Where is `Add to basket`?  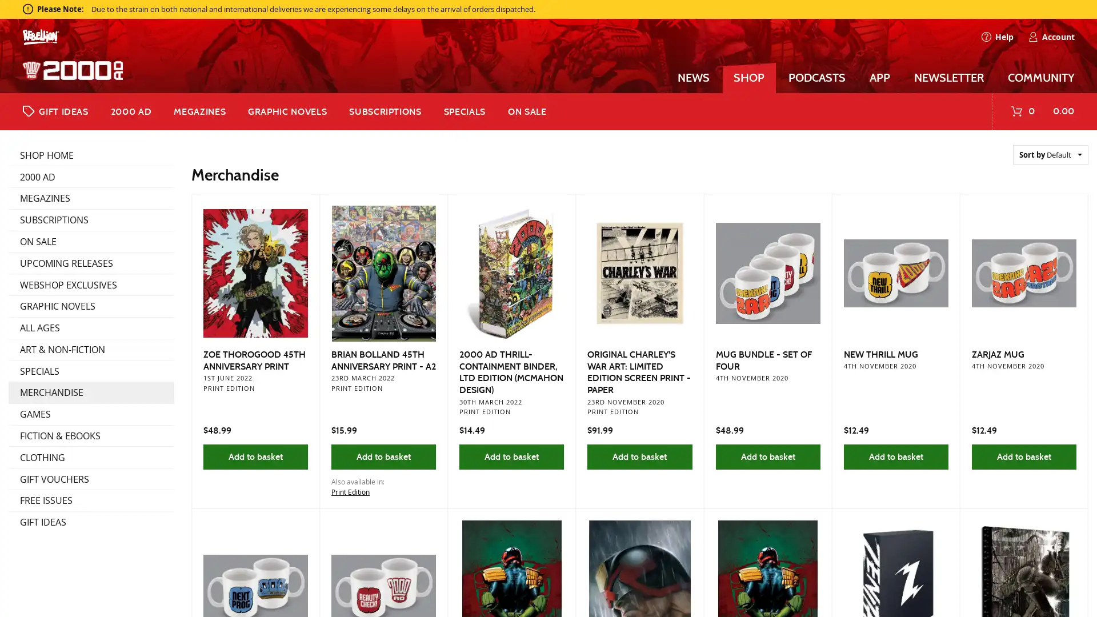
Add to basket is located at coordinates (895, 456).